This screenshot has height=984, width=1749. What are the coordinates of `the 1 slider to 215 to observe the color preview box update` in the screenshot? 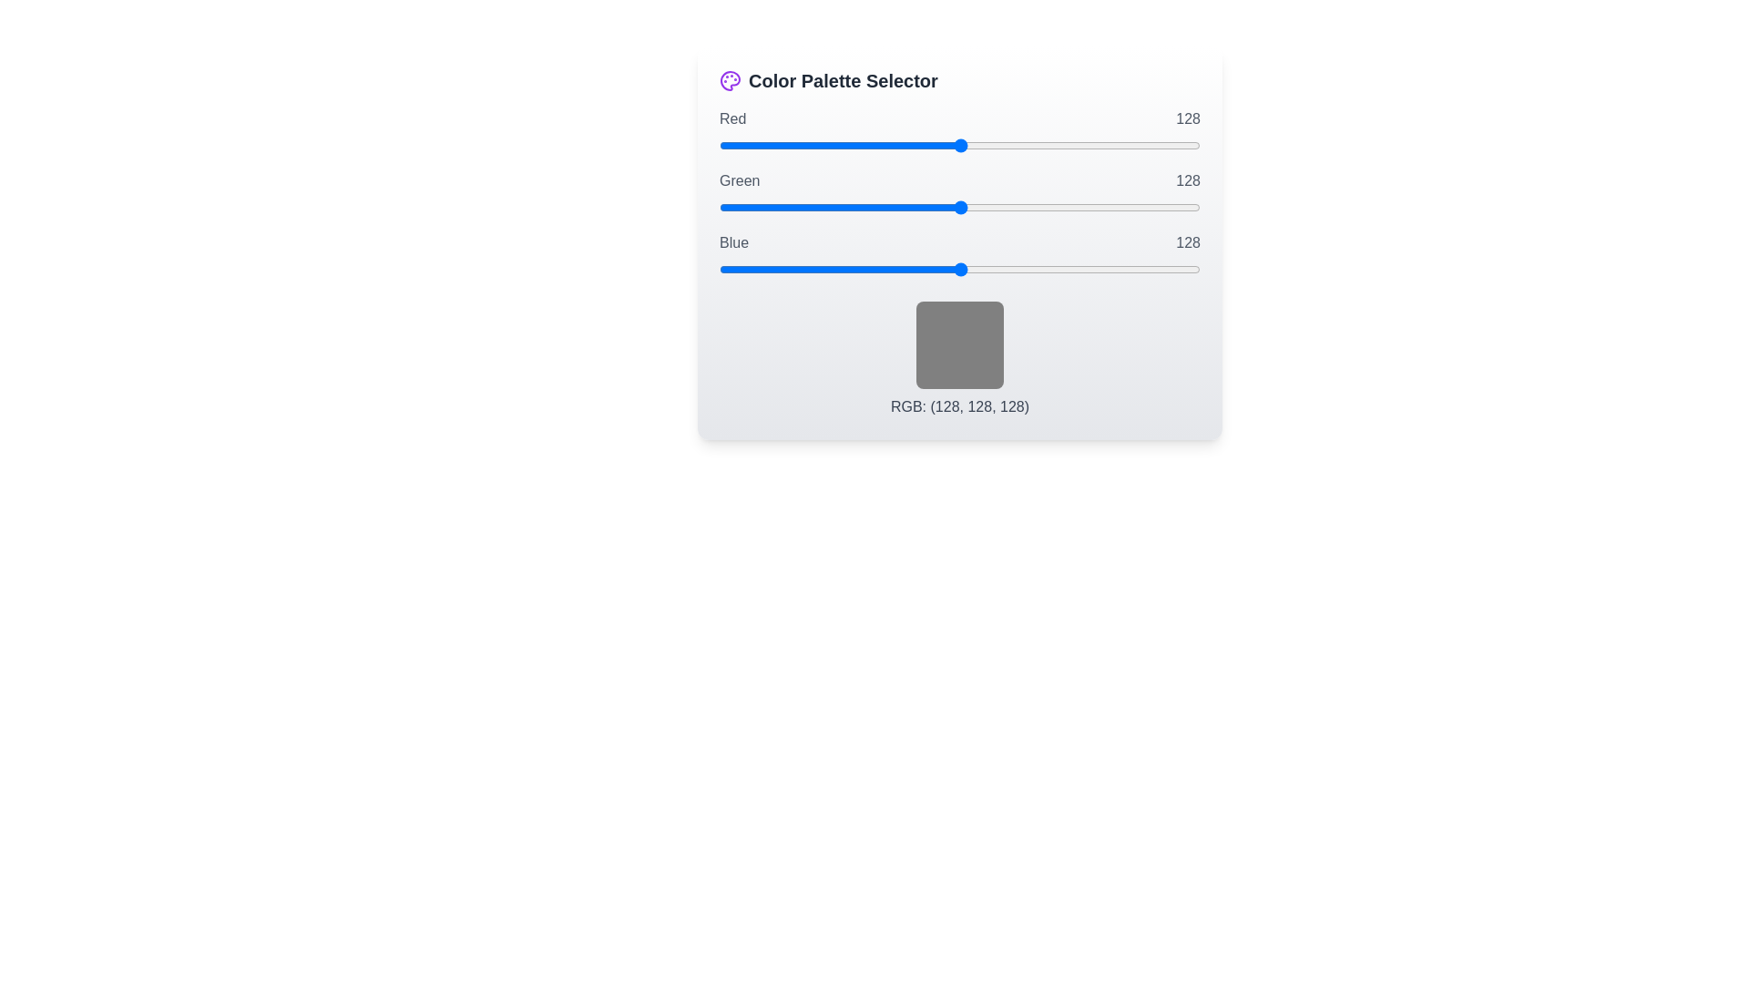 It's located at (959, 206).